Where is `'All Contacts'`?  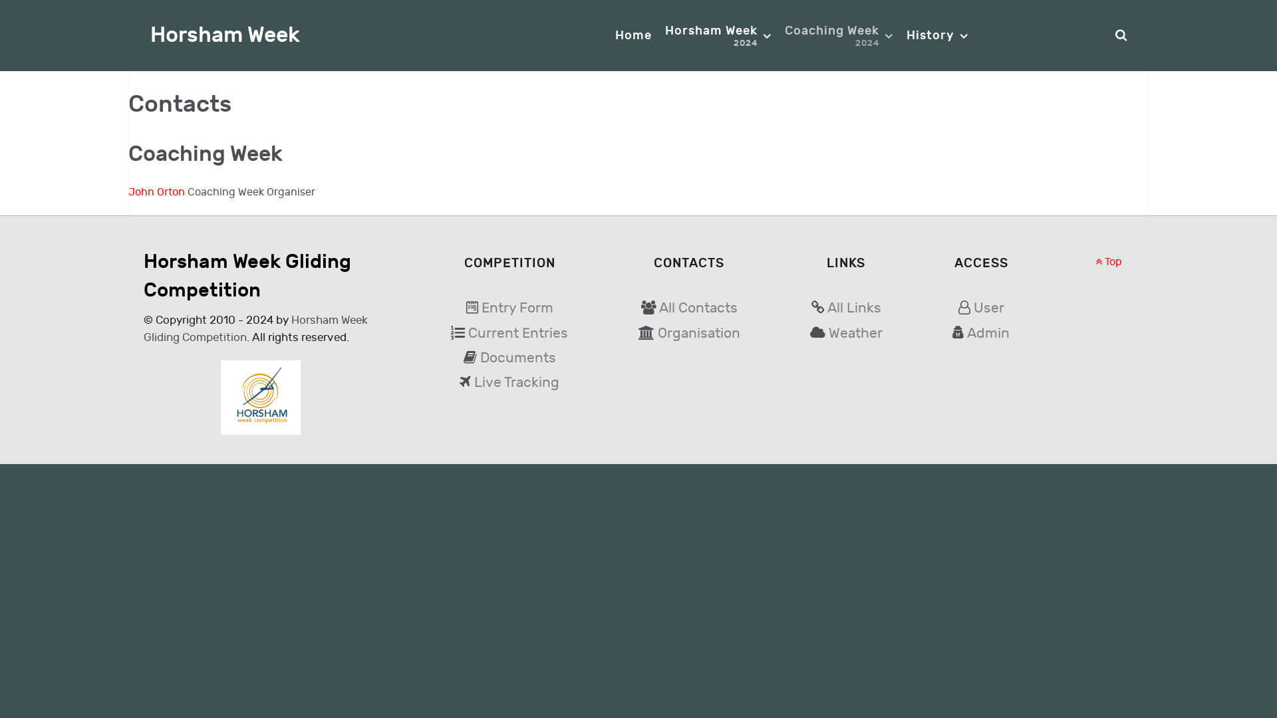 'All Contacts' is located at coordinates (698, 308).